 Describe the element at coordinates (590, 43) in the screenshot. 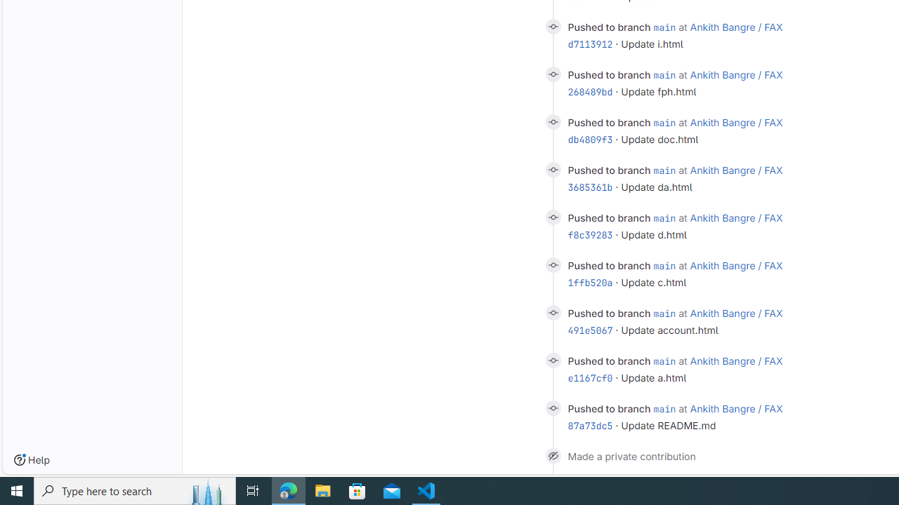

I see `'d7113912'` at that location.